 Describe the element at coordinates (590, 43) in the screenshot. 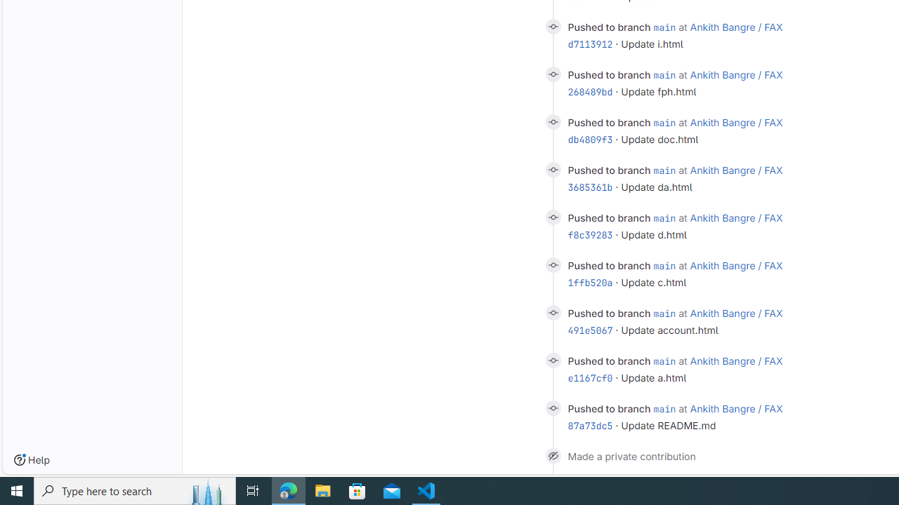

I see `'d7113912'` at that location.